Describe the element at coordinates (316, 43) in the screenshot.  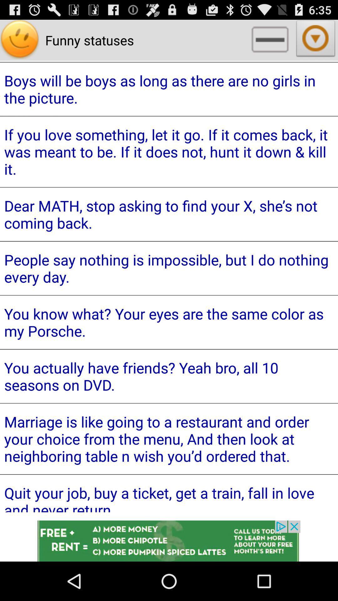
I see `the arrow_downward icon` at that location.